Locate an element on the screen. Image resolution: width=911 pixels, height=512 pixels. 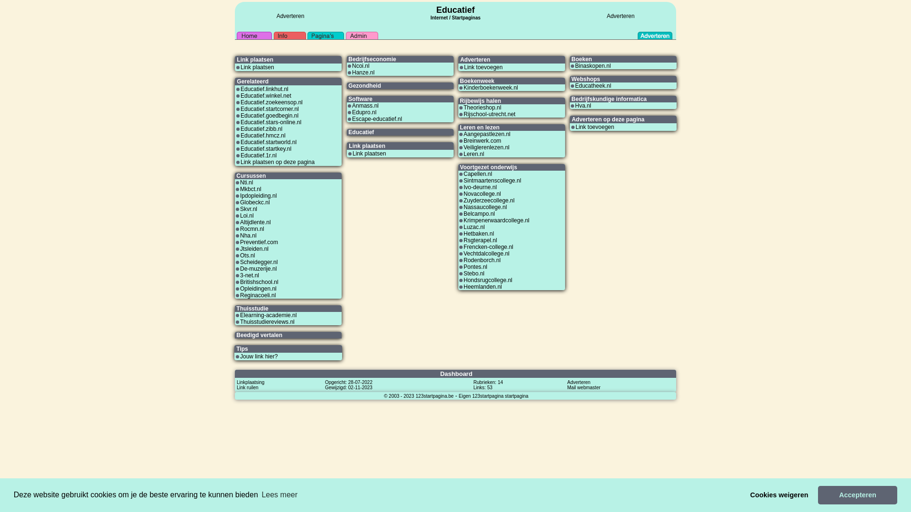
'Educatief.1r.nl' is located at coordinates (259, 155).